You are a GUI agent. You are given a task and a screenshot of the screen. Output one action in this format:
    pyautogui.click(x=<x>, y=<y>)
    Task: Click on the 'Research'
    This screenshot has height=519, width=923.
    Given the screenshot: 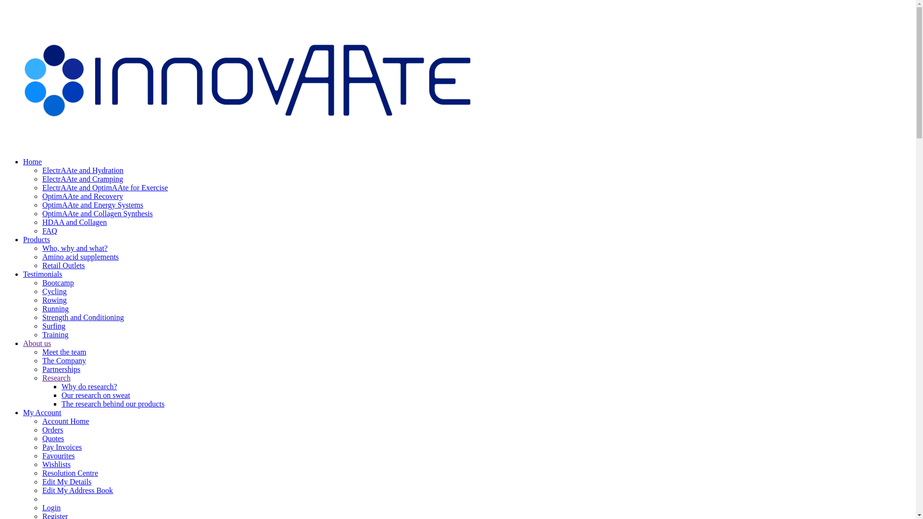 What is the action you would take?
    pyautogui.click(x=41, y=377)
    